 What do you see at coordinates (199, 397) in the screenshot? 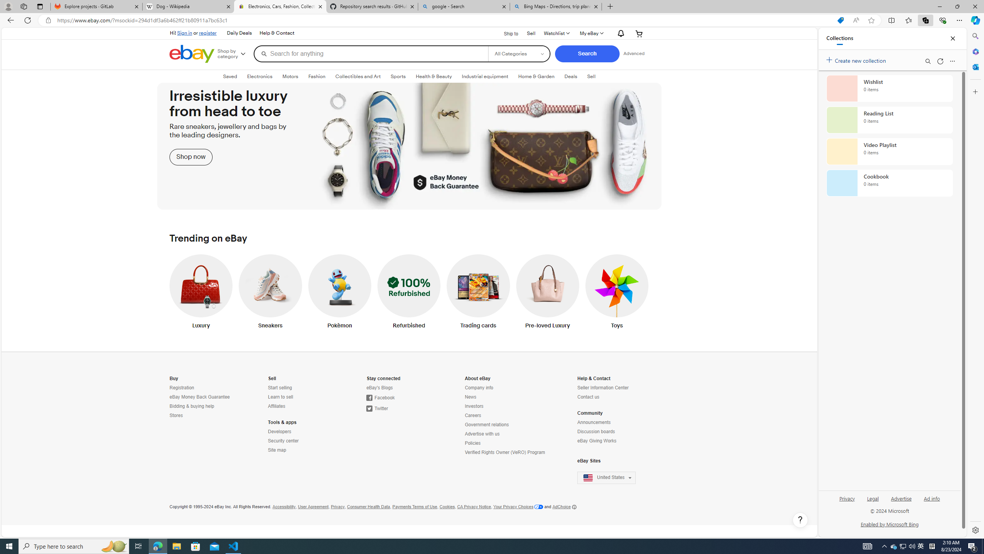
I see `'eBay Money Back Guarantee'` at bounding box center [199, 397].